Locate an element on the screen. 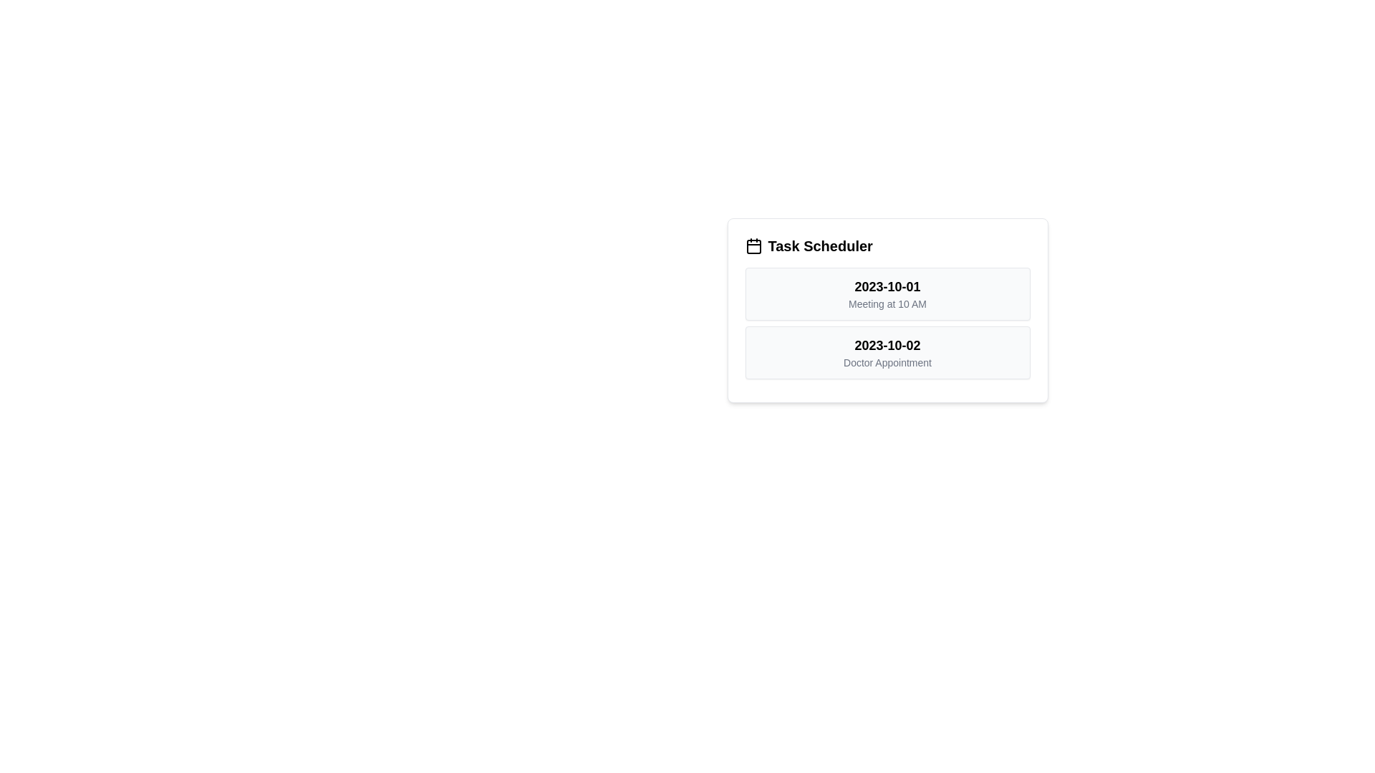 This screenshot has width=1375, height=773. the static text element displaying the event date, which is located above the 'Doctor Appointment' text in the 'Task Scheduler' section is located at coordinates (887, 345).